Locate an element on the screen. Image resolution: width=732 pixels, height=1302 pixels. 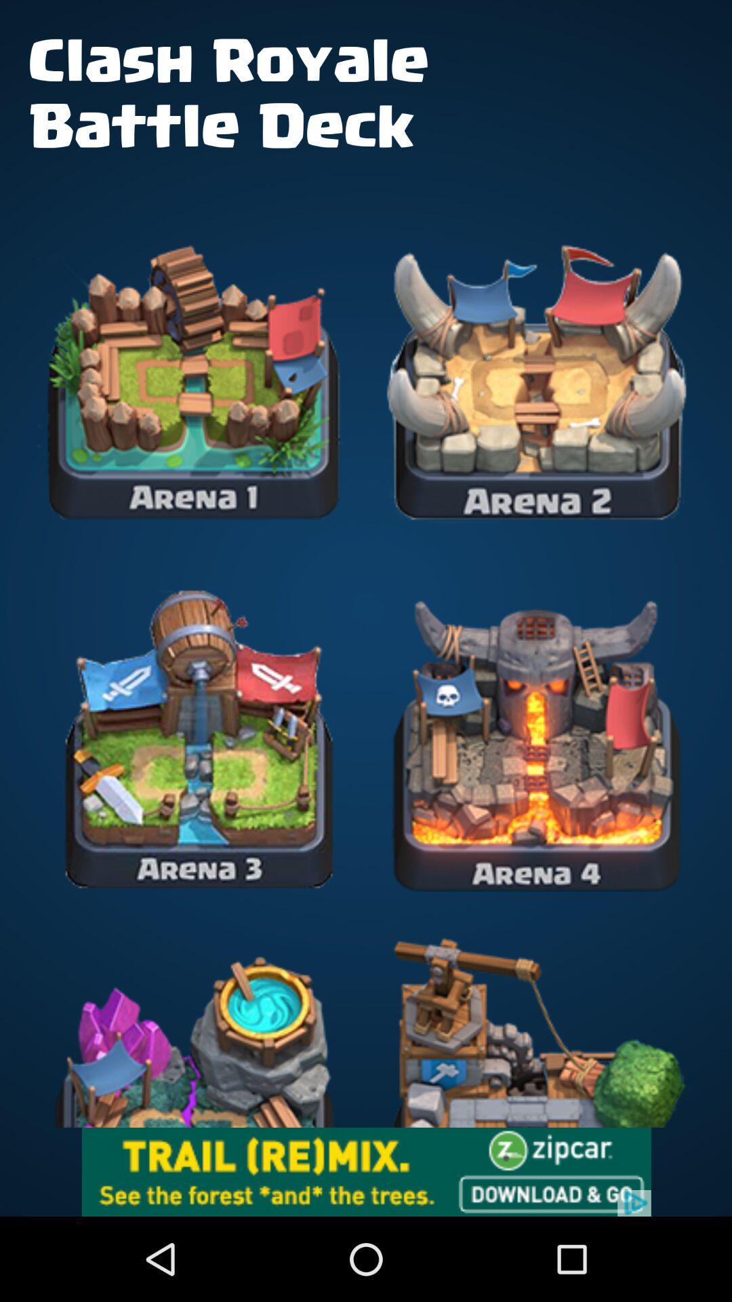
advertisement click is located at coordinates (366, 1171).